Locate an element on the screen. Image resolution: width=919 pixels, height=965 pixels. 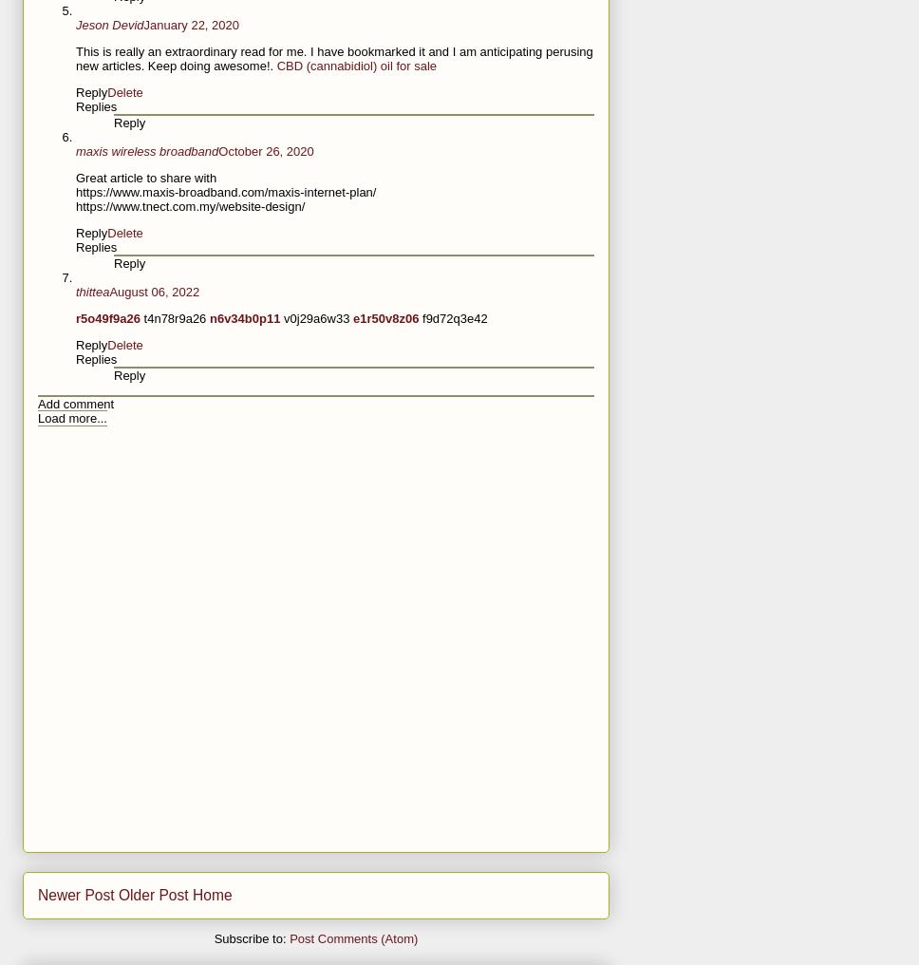
'August 06, 2022' is located at coordinates (154, 291).